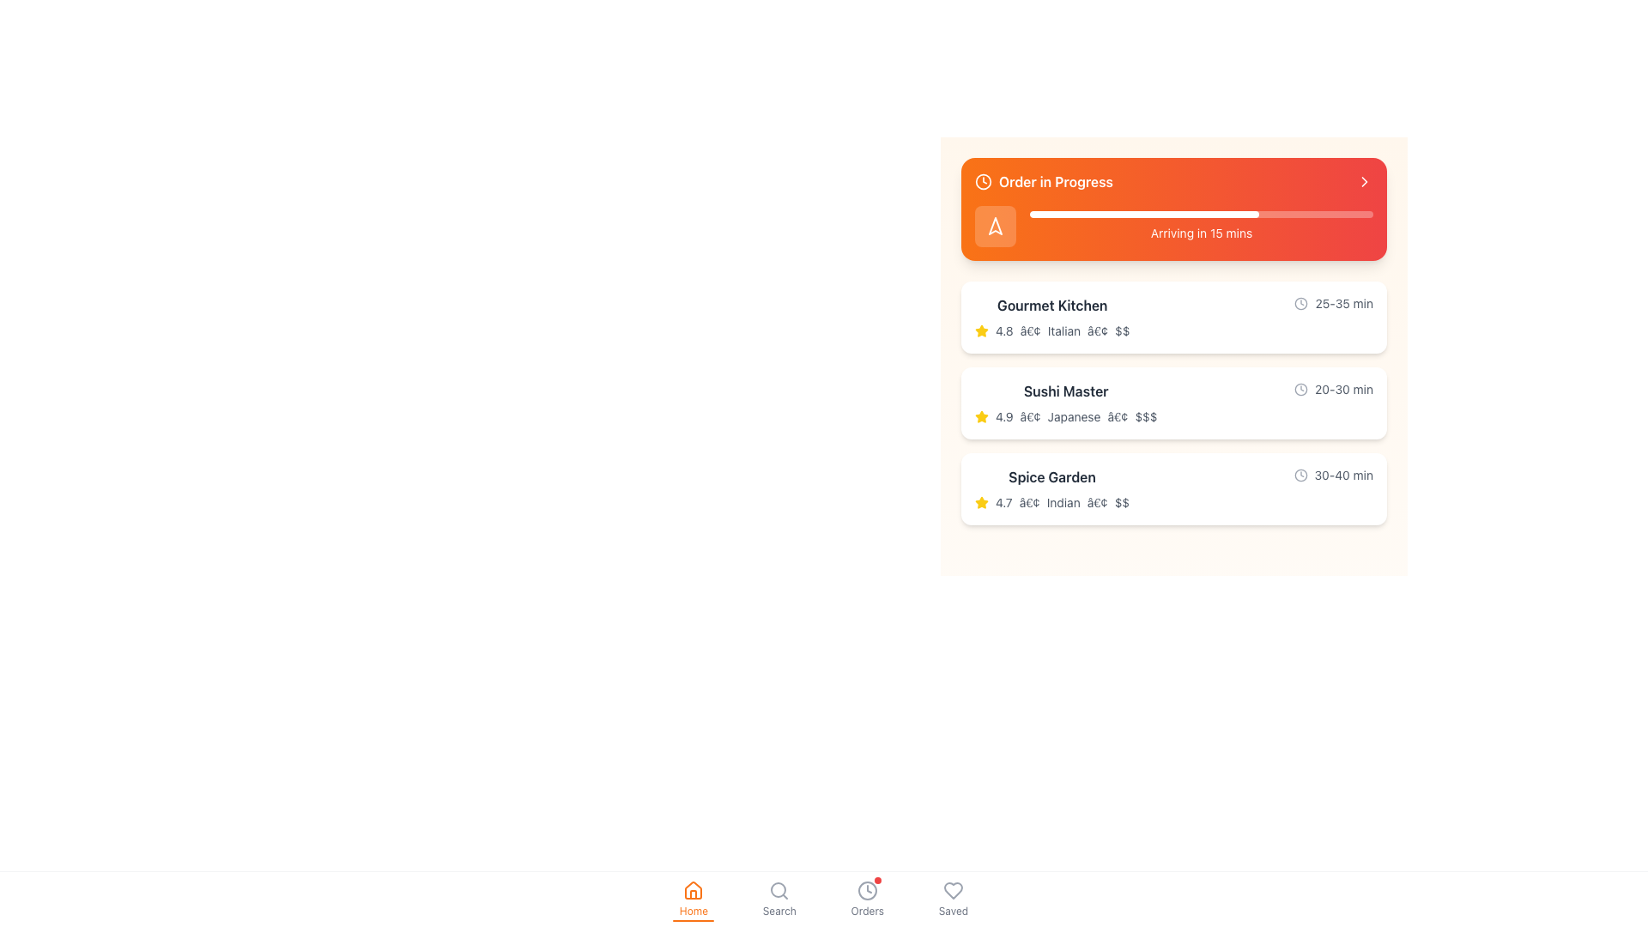 The height and width of the screenshot is (927, 1648). Describe the element at coordinates (694, 910) in the screenshot. I see `the 'Home' text label in the bottom navigation bar, which describes the house-shaped icon above it` at that location.